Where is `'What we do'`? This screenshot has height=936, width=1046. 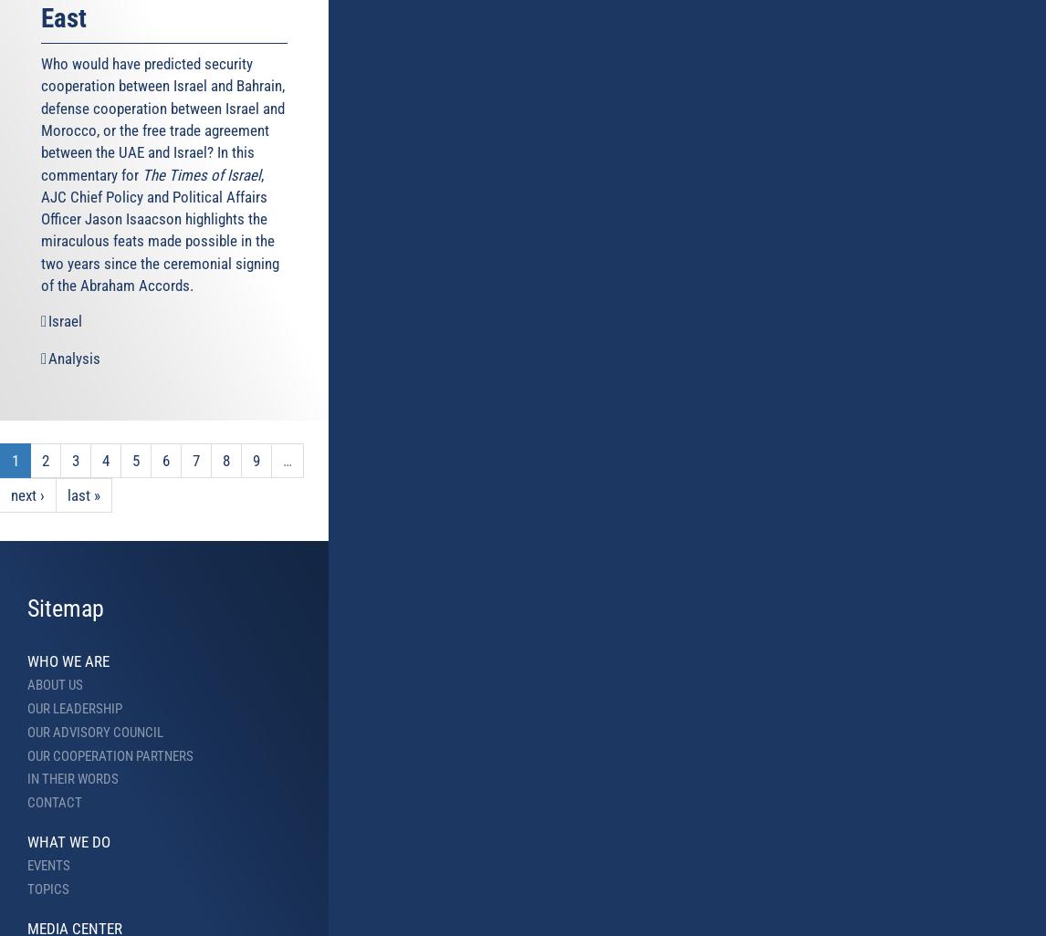
'What we do' is located at coordinates (27, 840).